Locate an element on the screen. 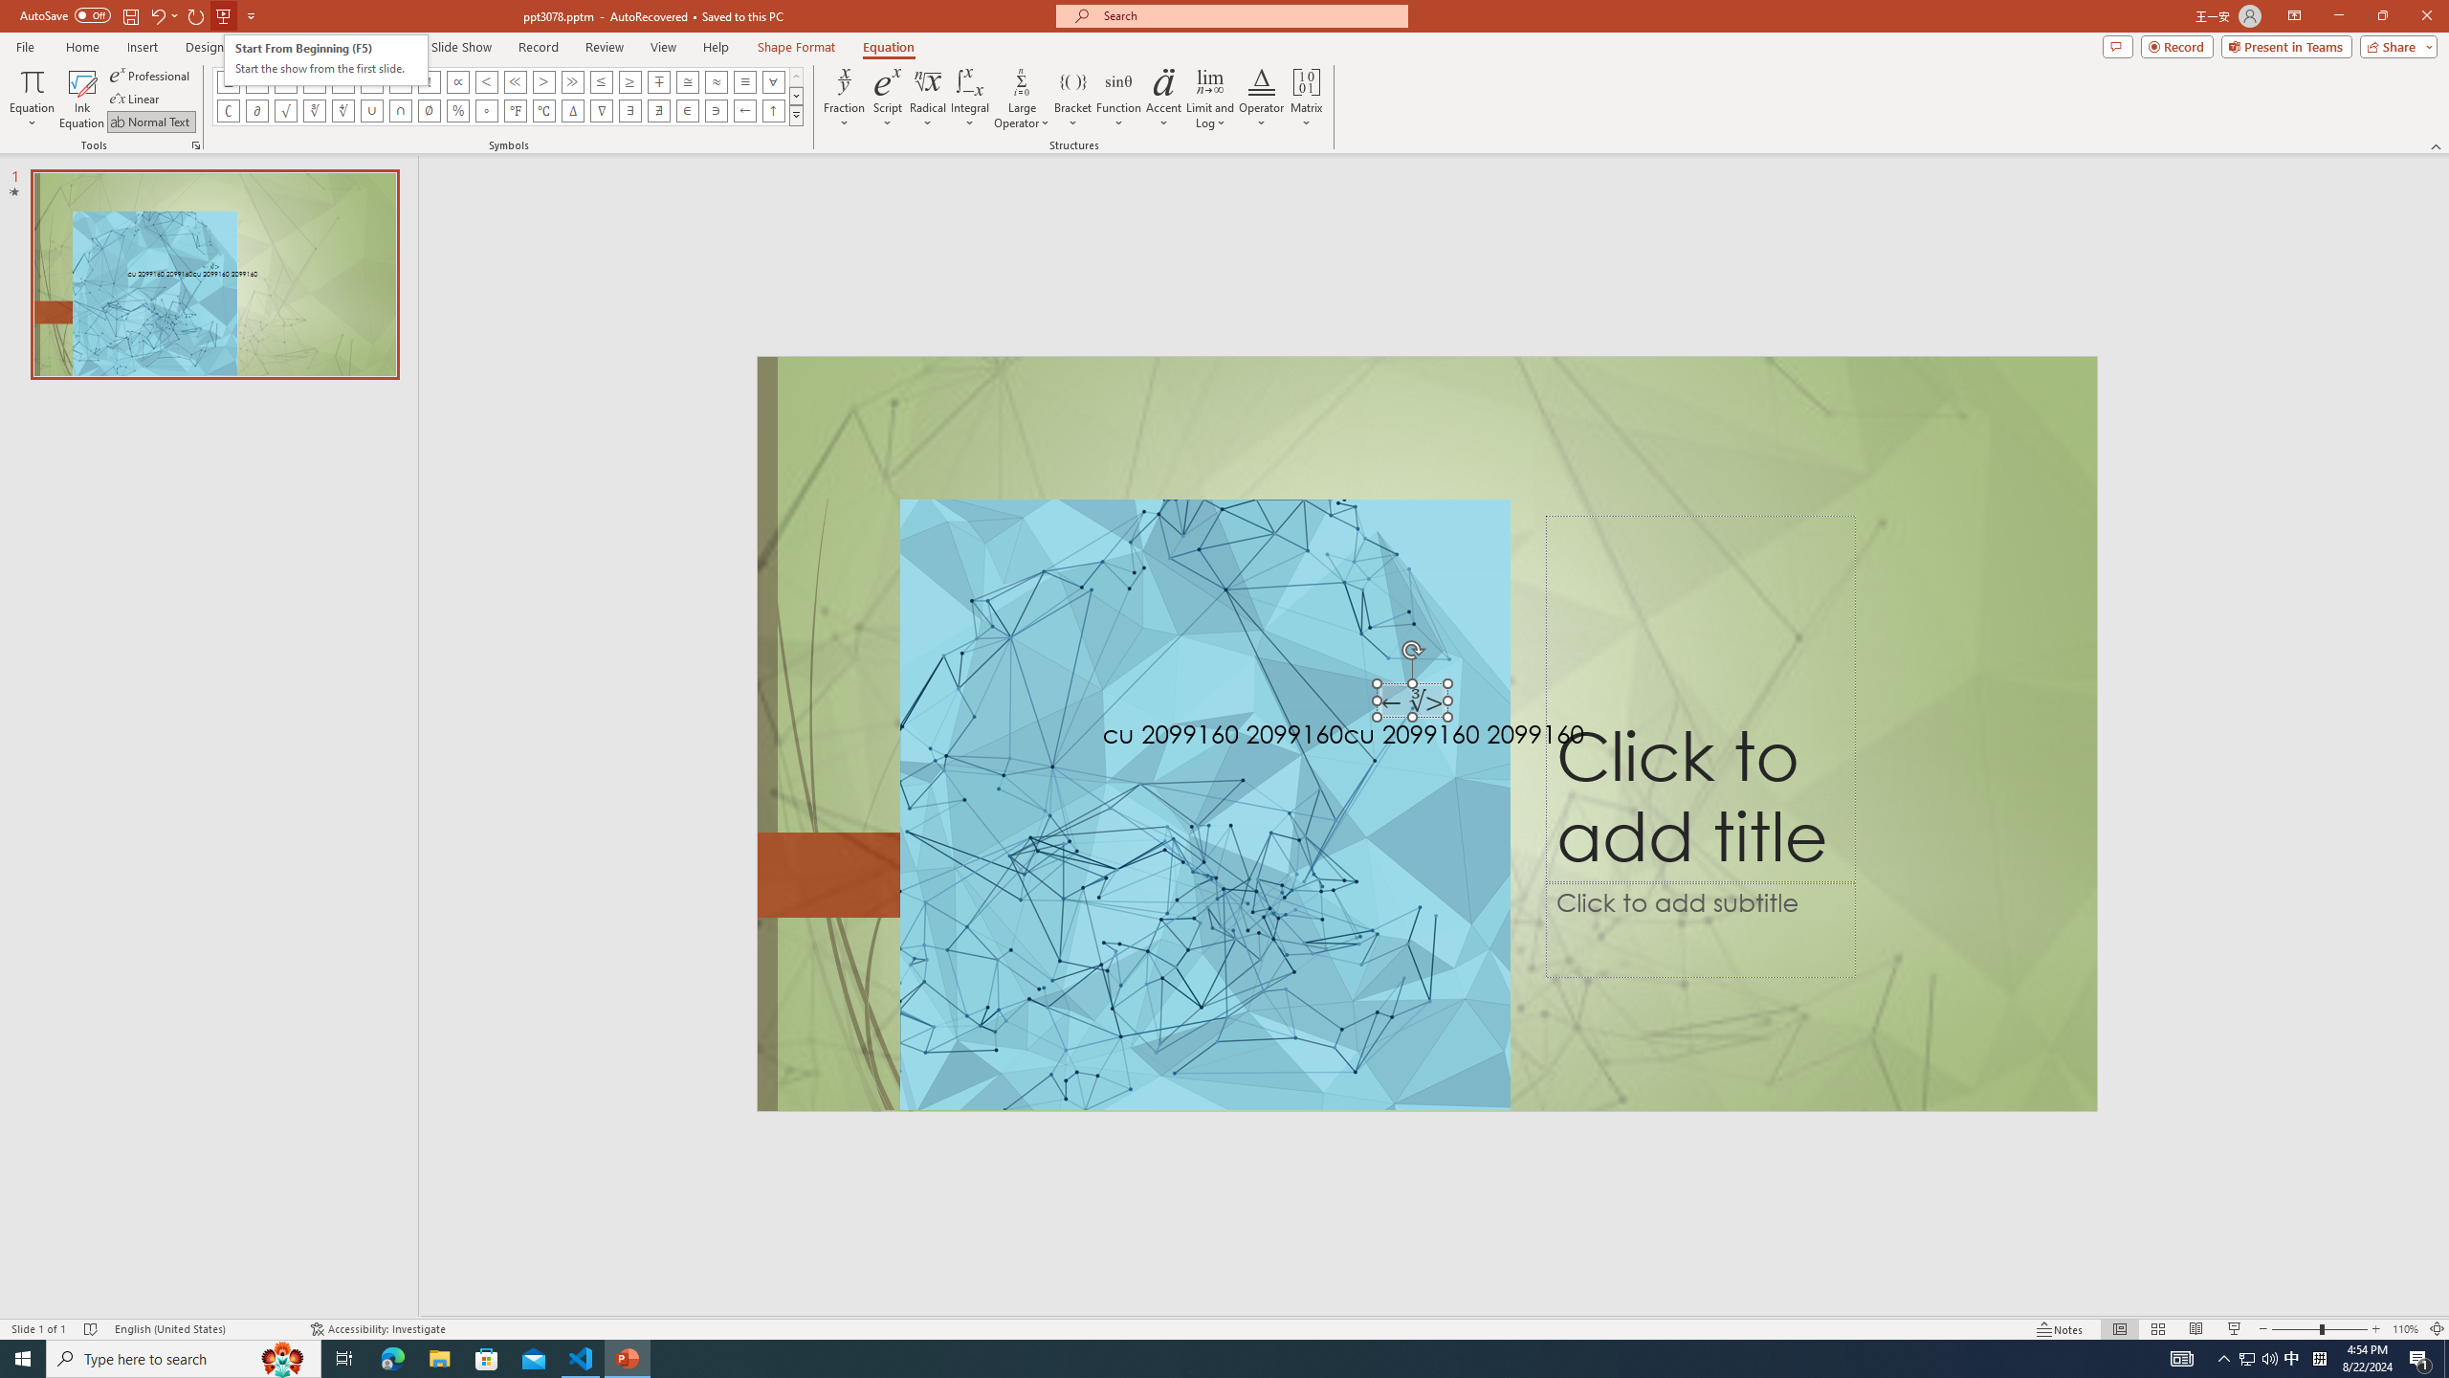 Image resolution: width=2449 pixels, height=1378 pixels. 'Equation Symbol Percentage' is located at coordinates (456, 109).